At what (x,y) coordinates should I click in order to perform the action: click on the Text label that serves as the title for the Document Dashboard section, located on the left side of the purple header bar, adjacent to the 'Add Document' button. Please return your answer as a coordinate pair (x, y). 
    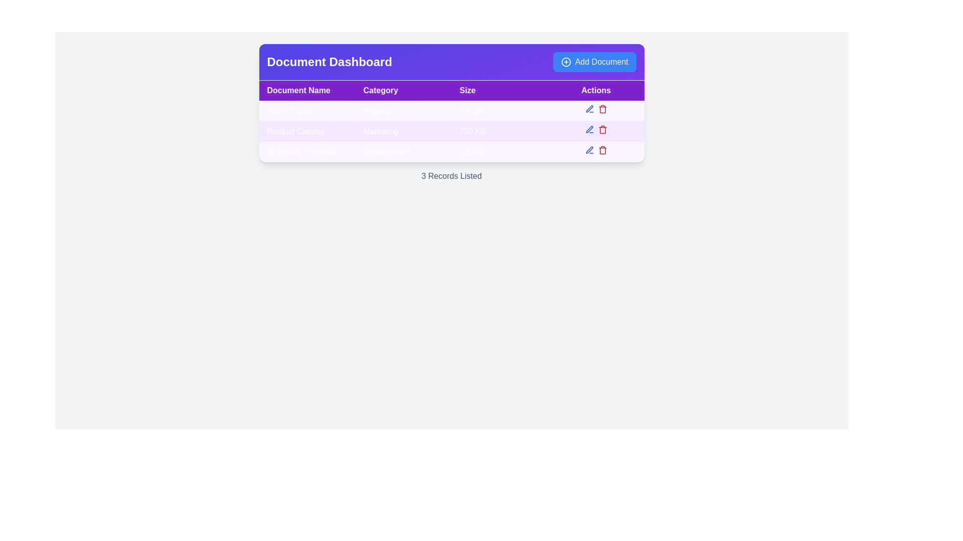
    Looking at the image, I should click on (330, 62).